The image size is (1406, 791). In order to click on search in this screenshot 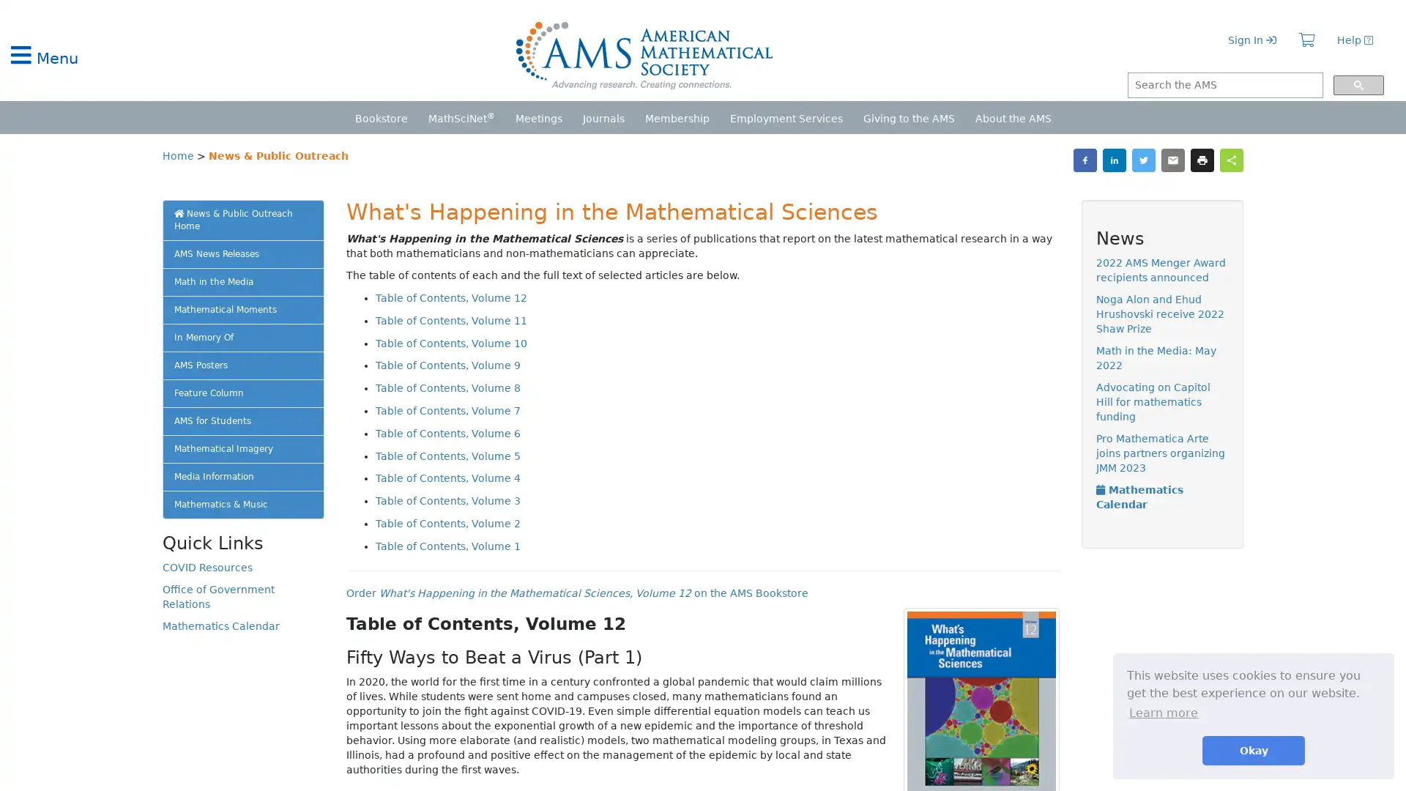, I will do `click(1357, 85)`.